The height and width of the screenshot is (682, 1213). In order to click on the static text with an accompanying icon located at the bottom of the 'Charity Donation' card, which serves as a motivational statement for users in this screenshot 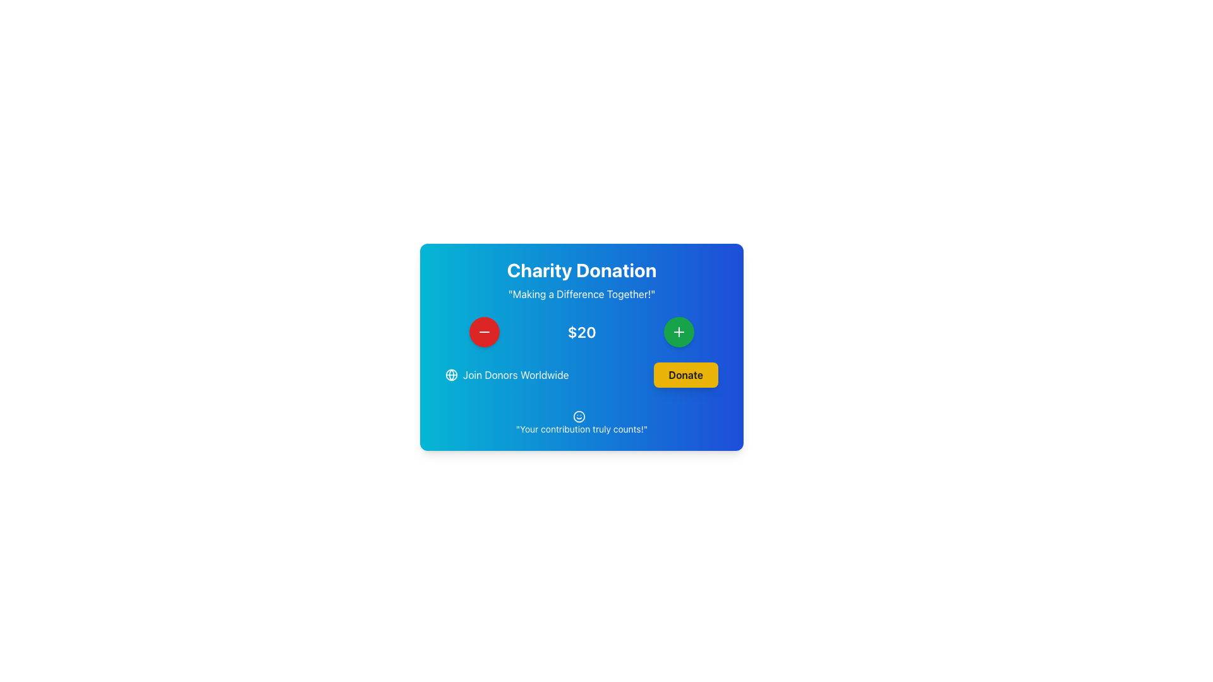, I will do `click(581, 421)`.